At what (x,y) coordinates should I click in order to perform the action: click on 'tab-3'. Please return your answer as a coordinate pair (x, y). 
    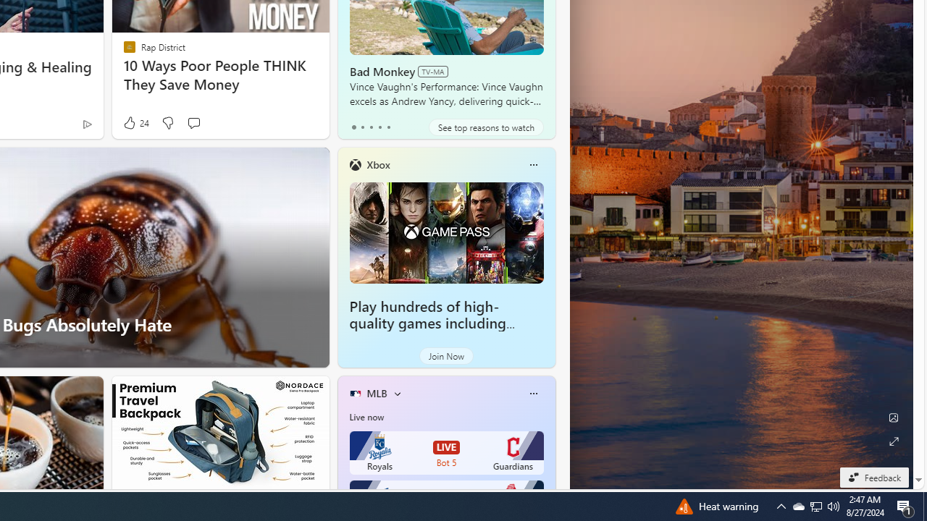
    Looking at the image, I should click on (379, 127).